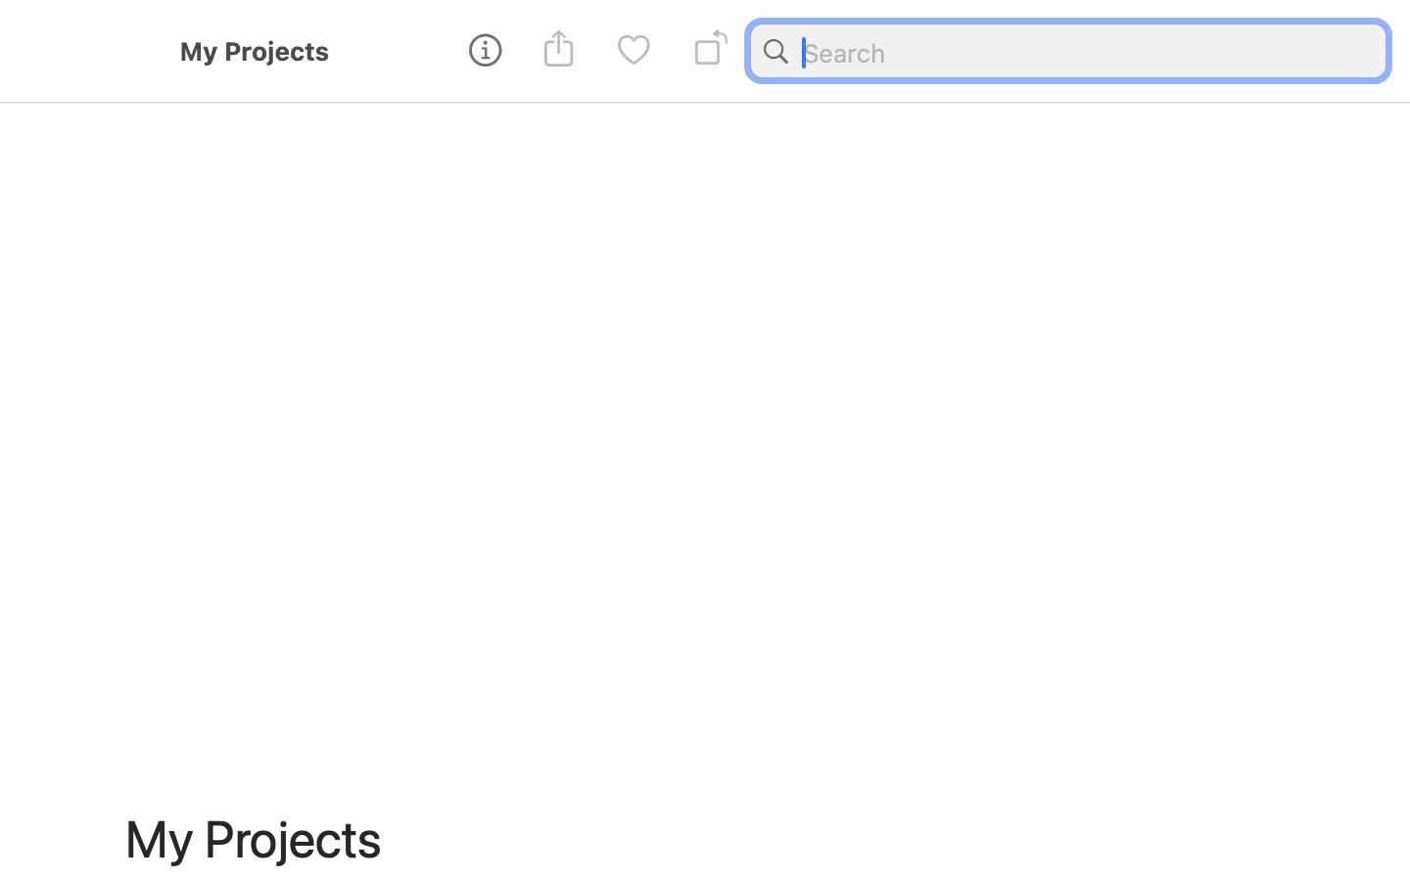  What do you see at coordinates (632, 50) in the screenshot?
I see `'0'` at bounding box center [632, 50].